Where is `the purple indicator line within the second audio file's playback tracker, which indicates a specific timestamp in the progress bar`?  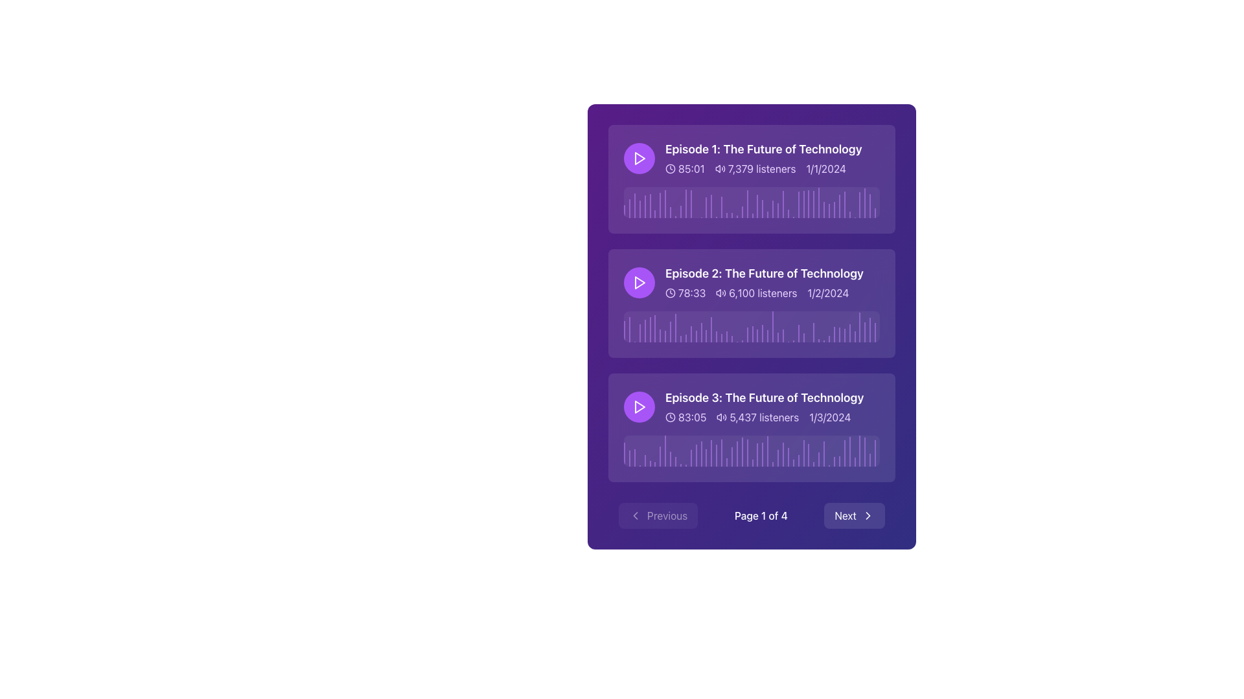 the purple indicator line within the second audio file's playback tracker, which indicates a specific timestamp in the progress bar is located at coordinates (655, 328).